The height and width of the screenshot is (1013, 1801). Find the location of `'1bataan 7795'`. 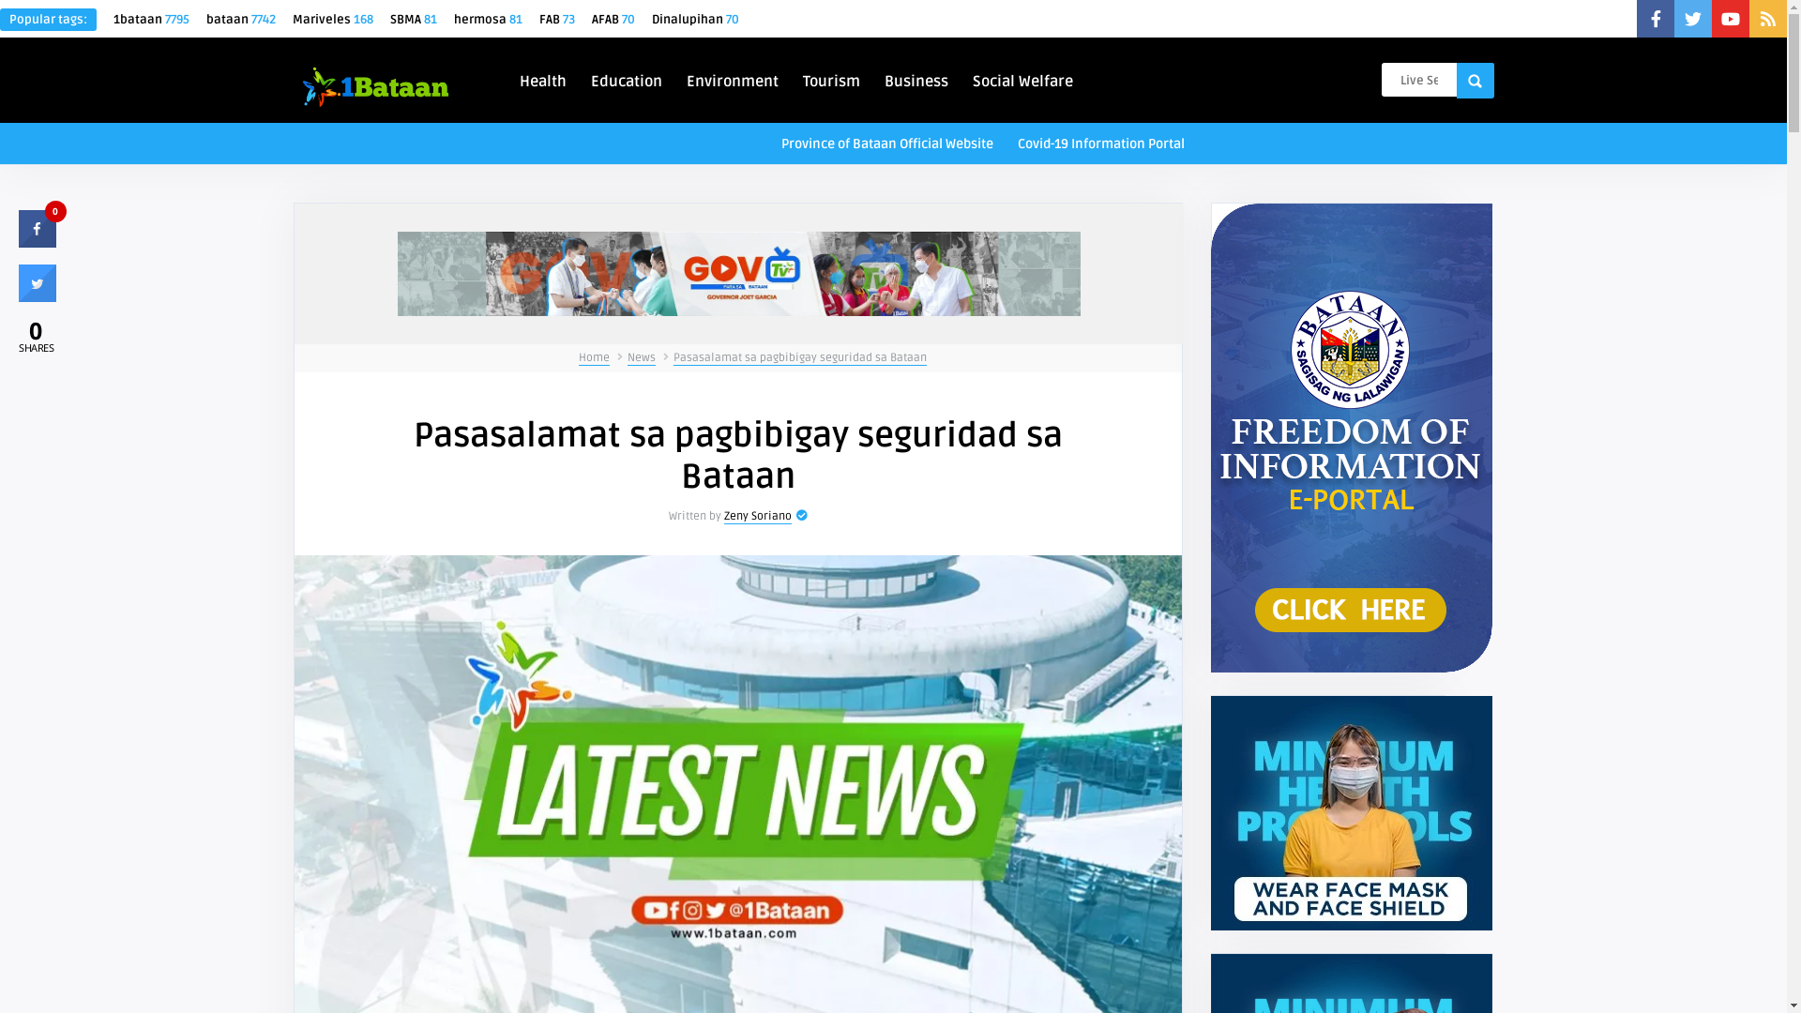

'1bataan 7795' is located at coordinates (112, 19).